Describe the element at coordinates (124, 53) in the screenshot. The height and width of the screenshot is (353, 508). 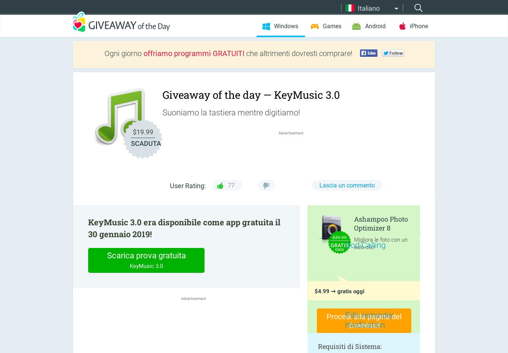
I see `'Ogni giorno'` at that location.